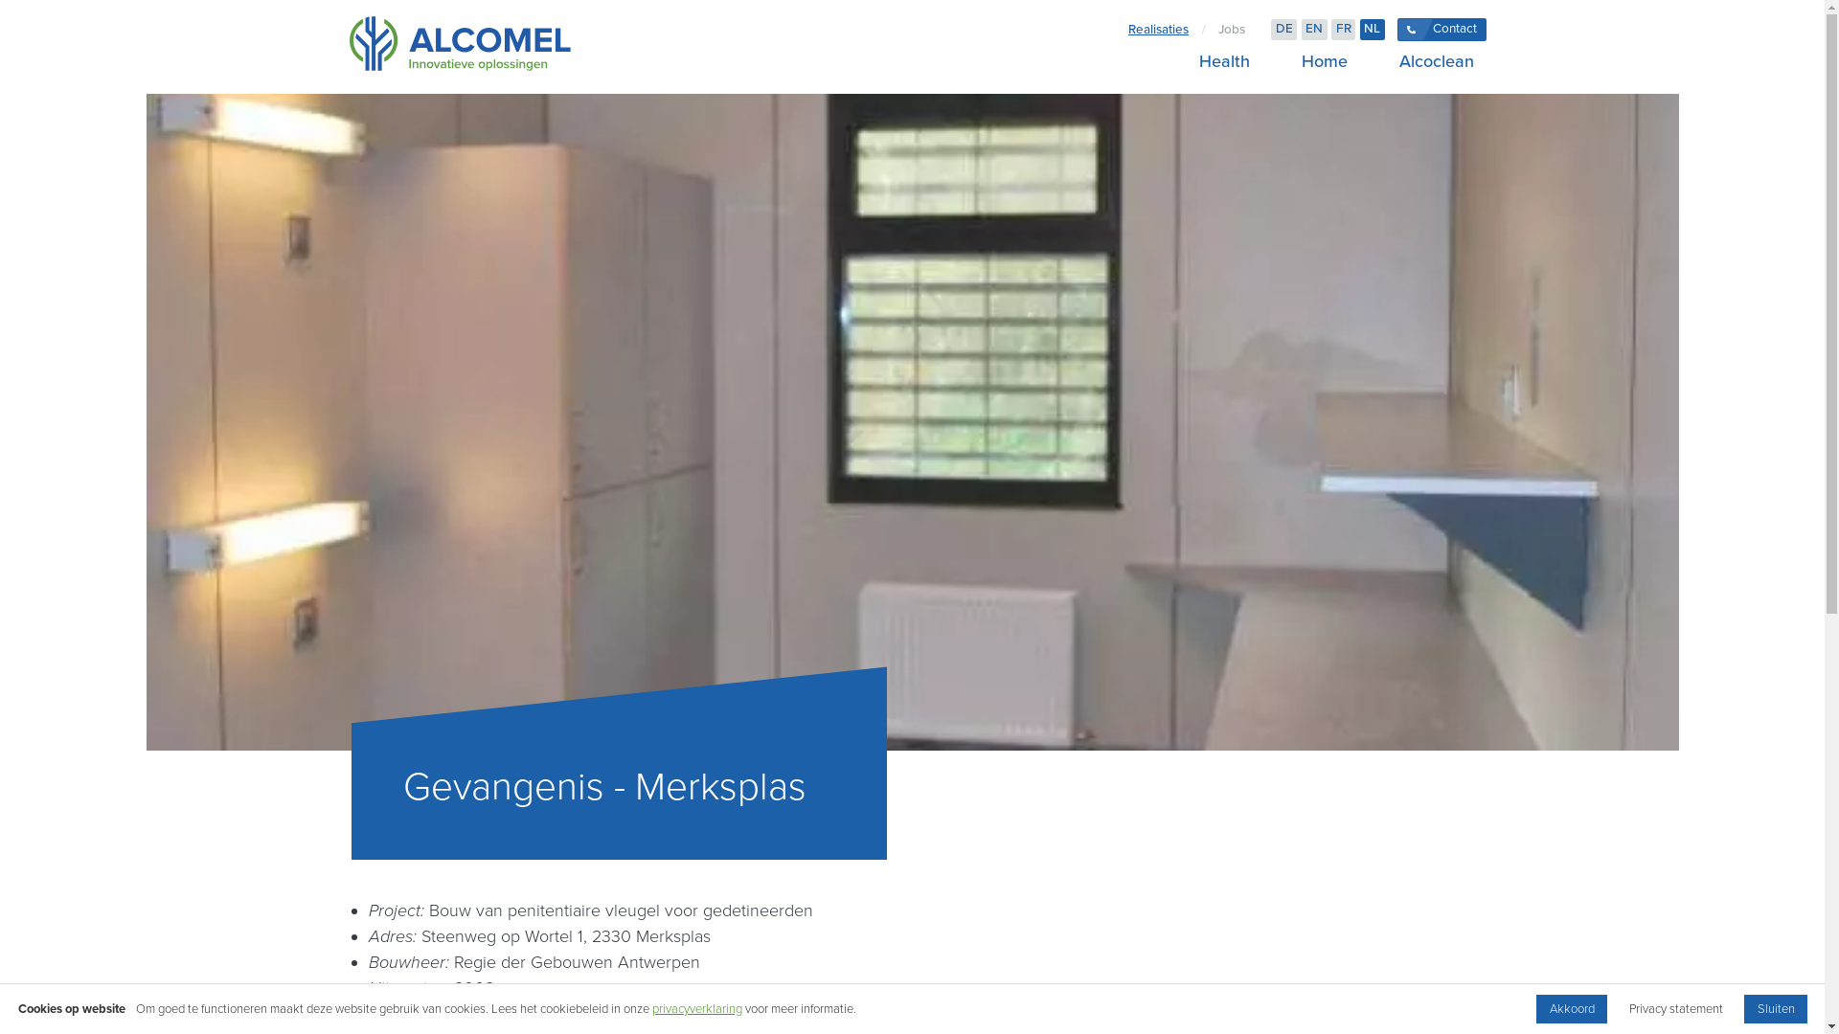  Describe the element at coordinates (1283, 30) in the screenshot. I see `'DE'` at that location.